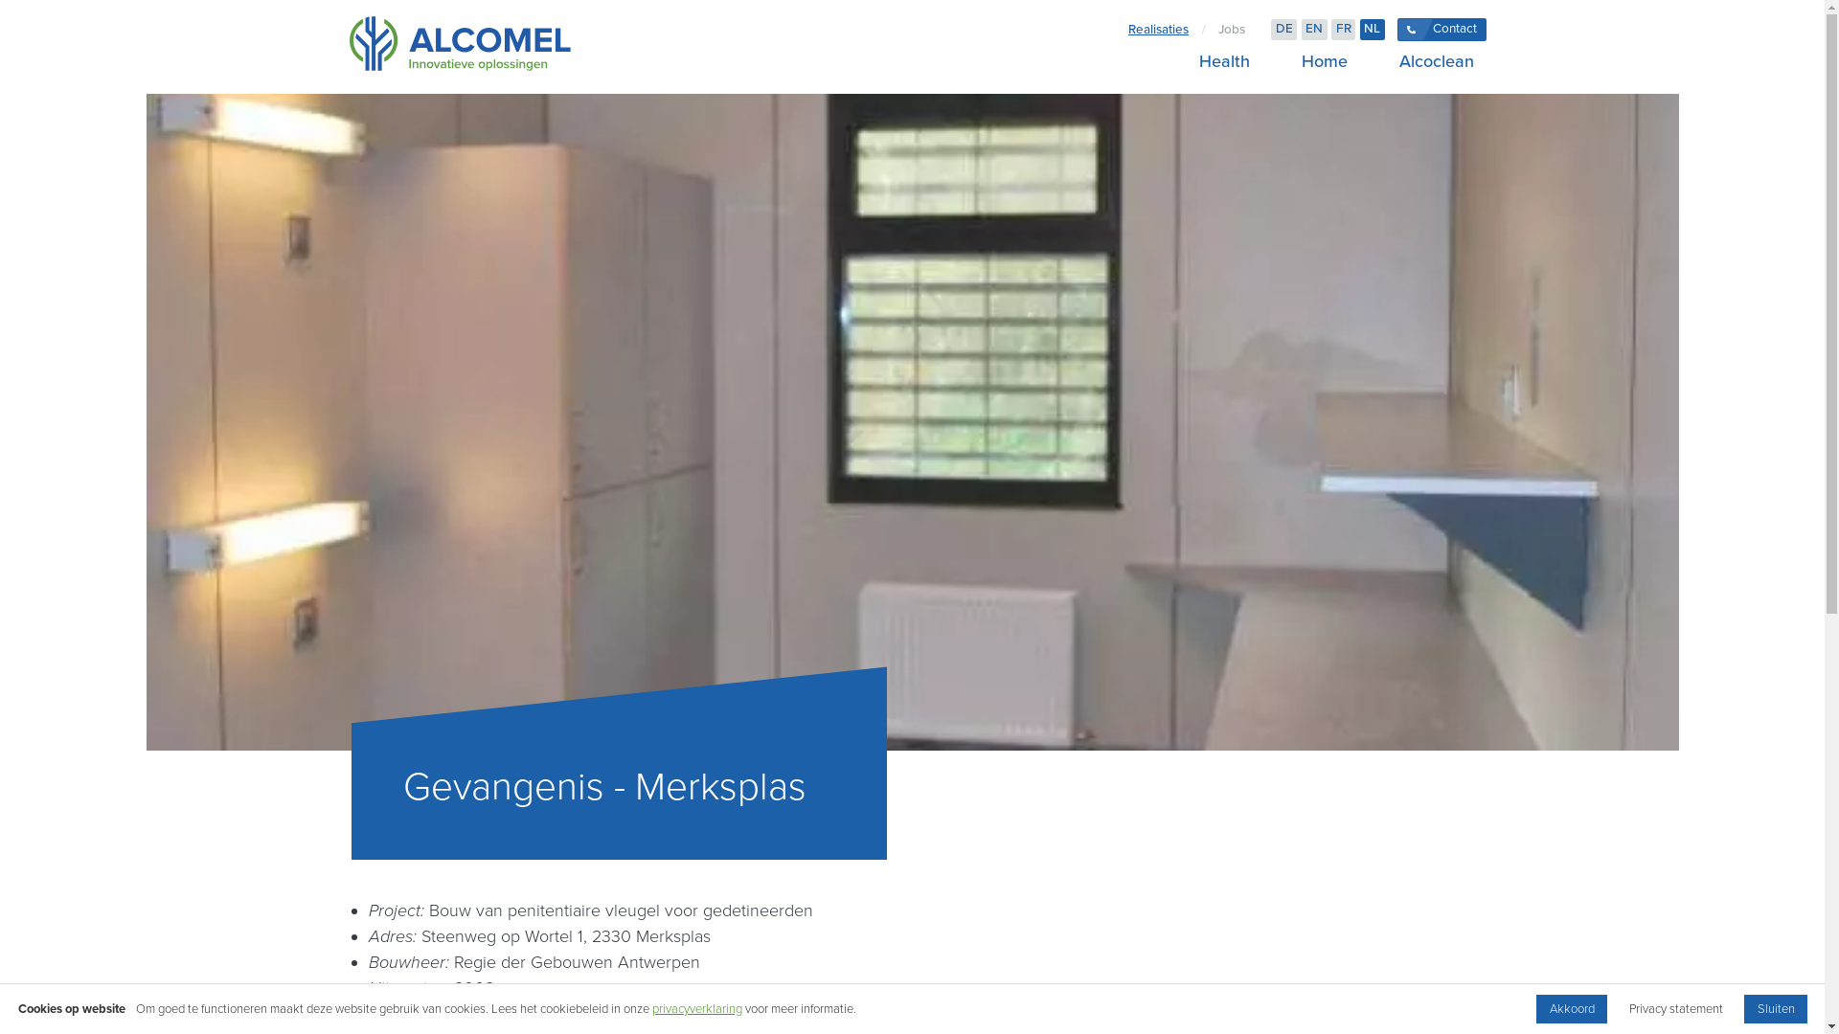  Describe the element at coordinates (1283, 30) in the screenshot. I see `'DE'` at that location.